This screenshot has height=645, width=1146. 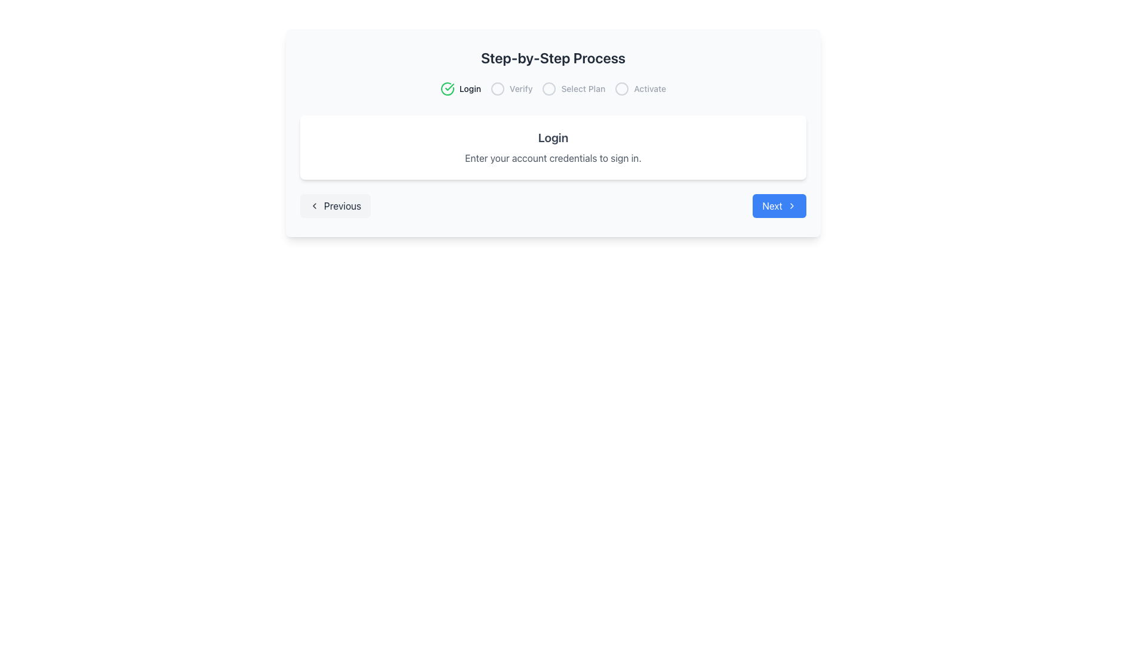 I want to click on the second circle icon in the step indicator component, which has a gray stroke and no fill, adjacent to the text 'Select Plan.', so click(x=549, y=88).